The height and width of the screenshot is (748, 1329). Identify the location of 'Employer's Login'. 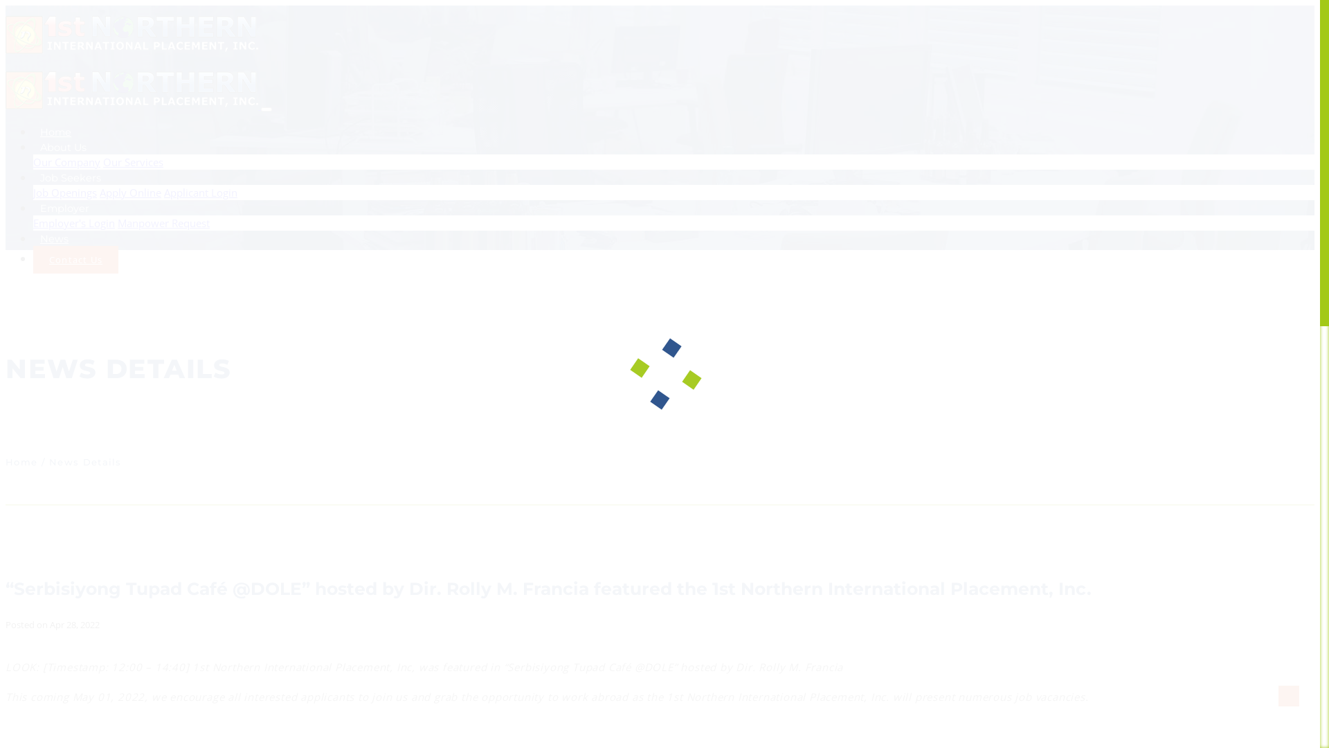
(73, 222).